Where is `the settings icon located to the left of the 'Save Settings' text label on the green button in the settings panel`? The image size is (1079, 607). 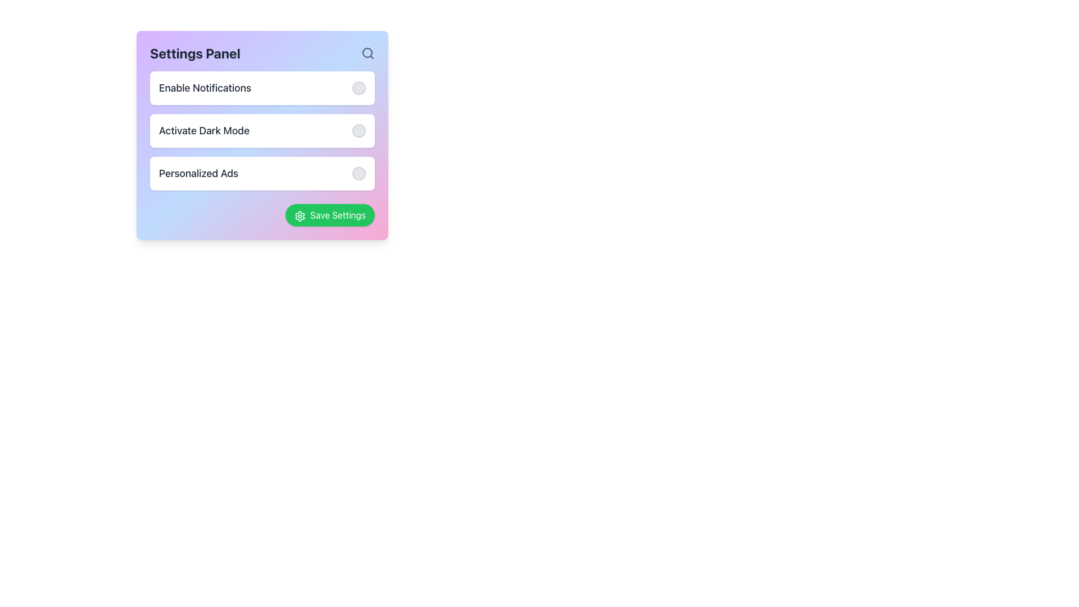 the settings icon located to the left of the 'Save Settings' text label on the green button in the settings panel is located at coordinates (300, 216).